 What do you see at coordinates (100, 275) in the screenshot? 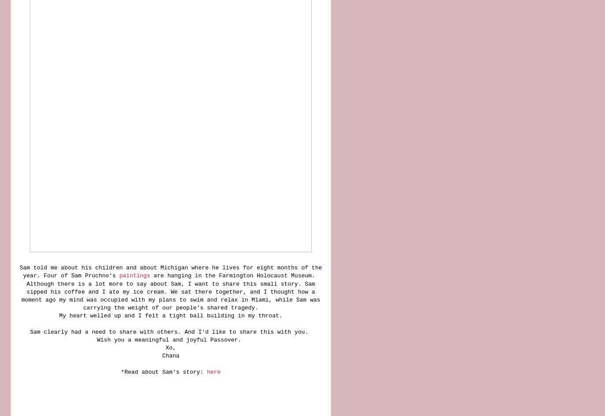
I see `'Pruchno's'` at bounding box center [100, 275].